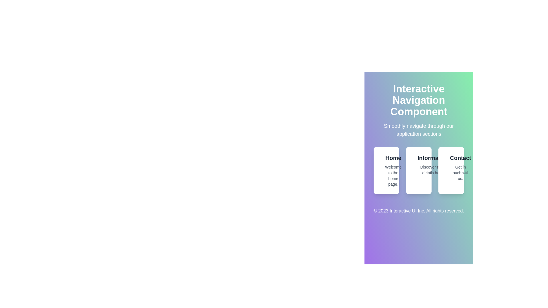  What do you see at coordinates (460, 172) in the screenshot?
I see `the small italicized text block reading 'Get in touch with us.' which is styled in gray and located within the 'Contact' card on the rightmost side of the three horizontally-aligned interactive cards` at bounding box center [460, 172].